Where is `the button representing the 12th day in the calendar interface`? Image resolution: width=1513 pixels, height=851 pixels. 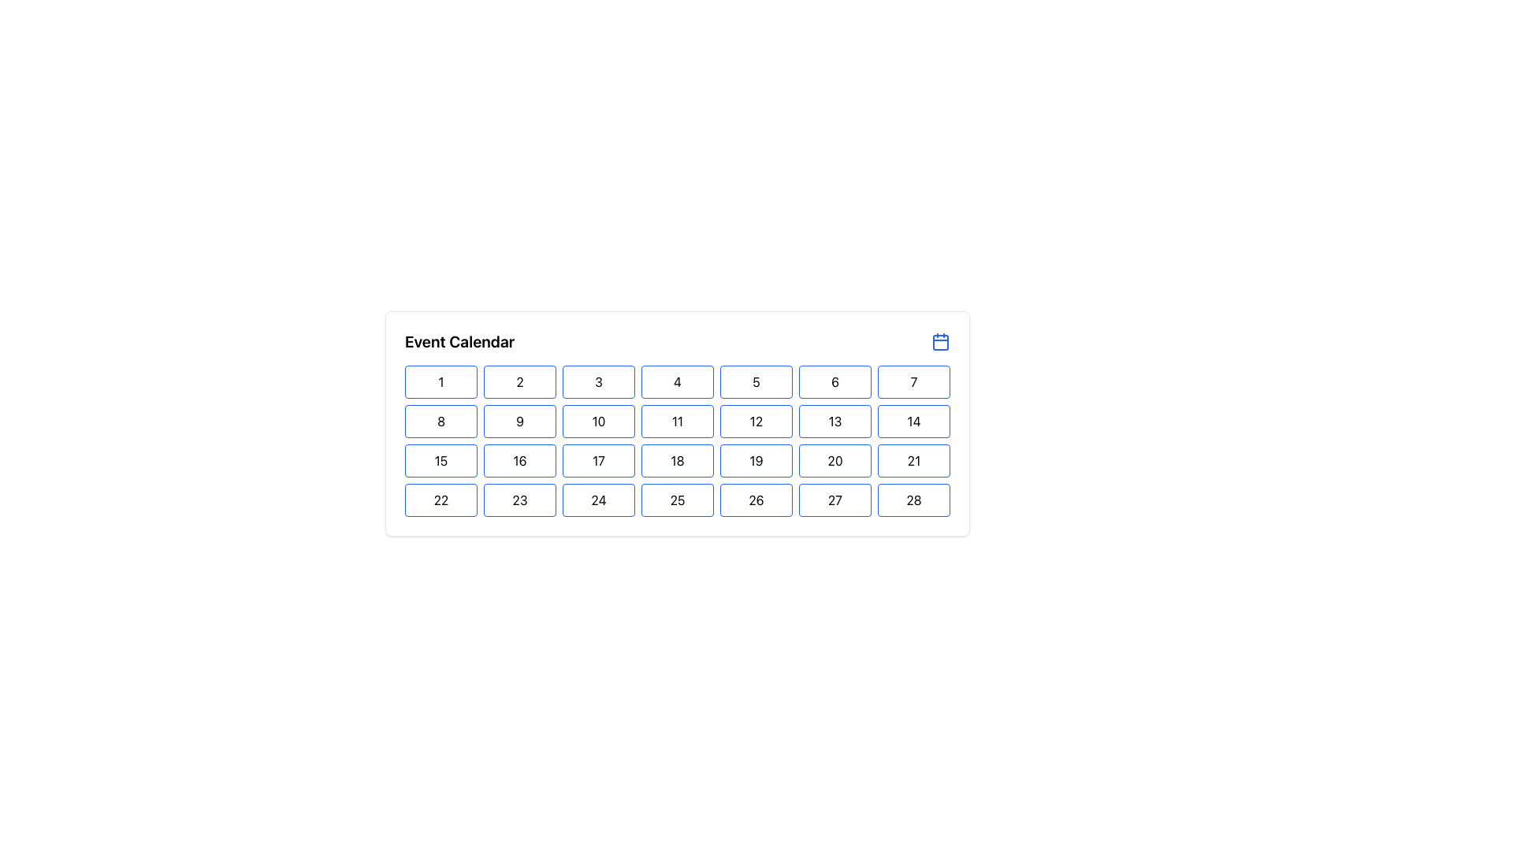 the button representing the 12th day in the calendar interface is located at coordinates (756, 421).